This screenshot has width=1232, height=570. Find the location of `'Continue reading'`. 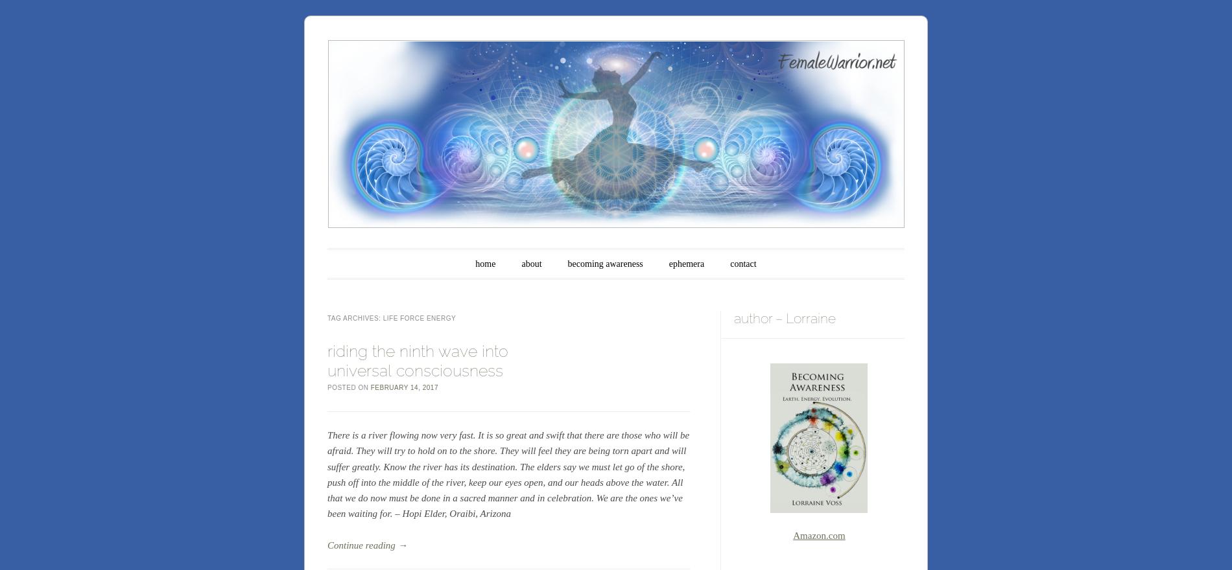

'Continue reading' is located at coordinates (362, 544).